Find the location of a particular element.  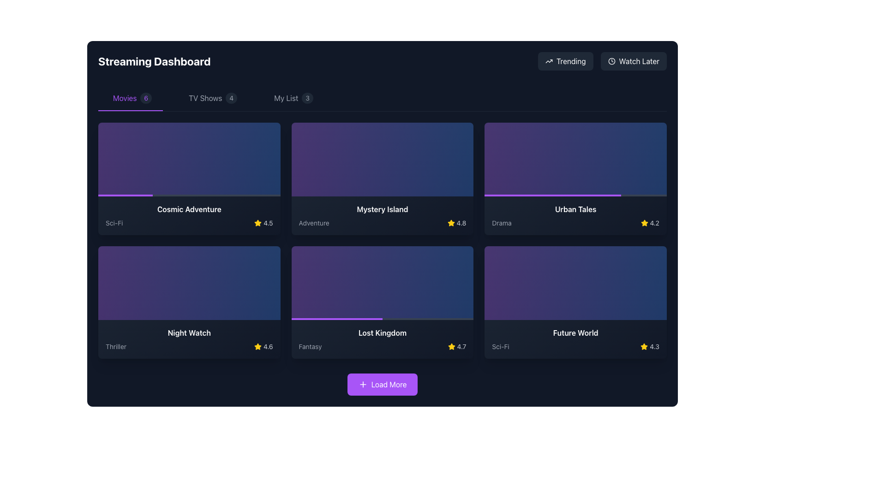

the 'Load More' button, which has white text on a purple background and is centrally placed at the bottom of the list of content cards is located at coordinates (389, 384).